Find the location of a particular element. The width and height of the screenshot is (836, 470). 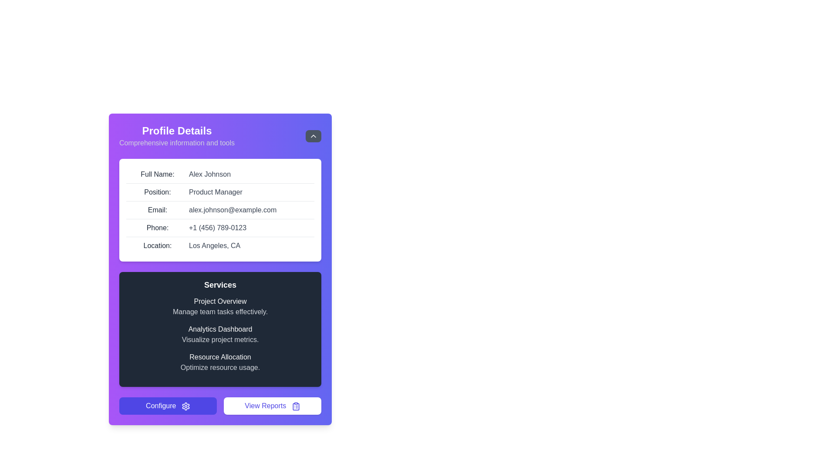

the 'Project Overview' text label, which is styled with a bold white font on a dark background and is located directly below the 'Services' heading in the bottom section of the interface is located at coordinates (220, 301).